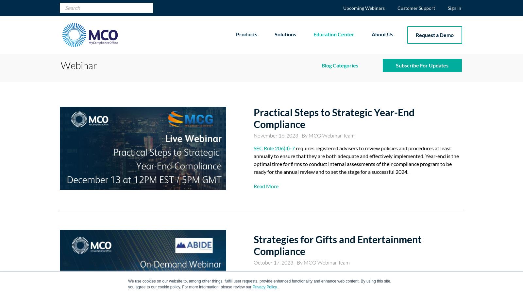 This screenshot has width=523, height=292. What do you see at coordinates (335, 214) in the screenshot?
I see `'Regulatory Compliance Management'` at bounding box center [335, 214].